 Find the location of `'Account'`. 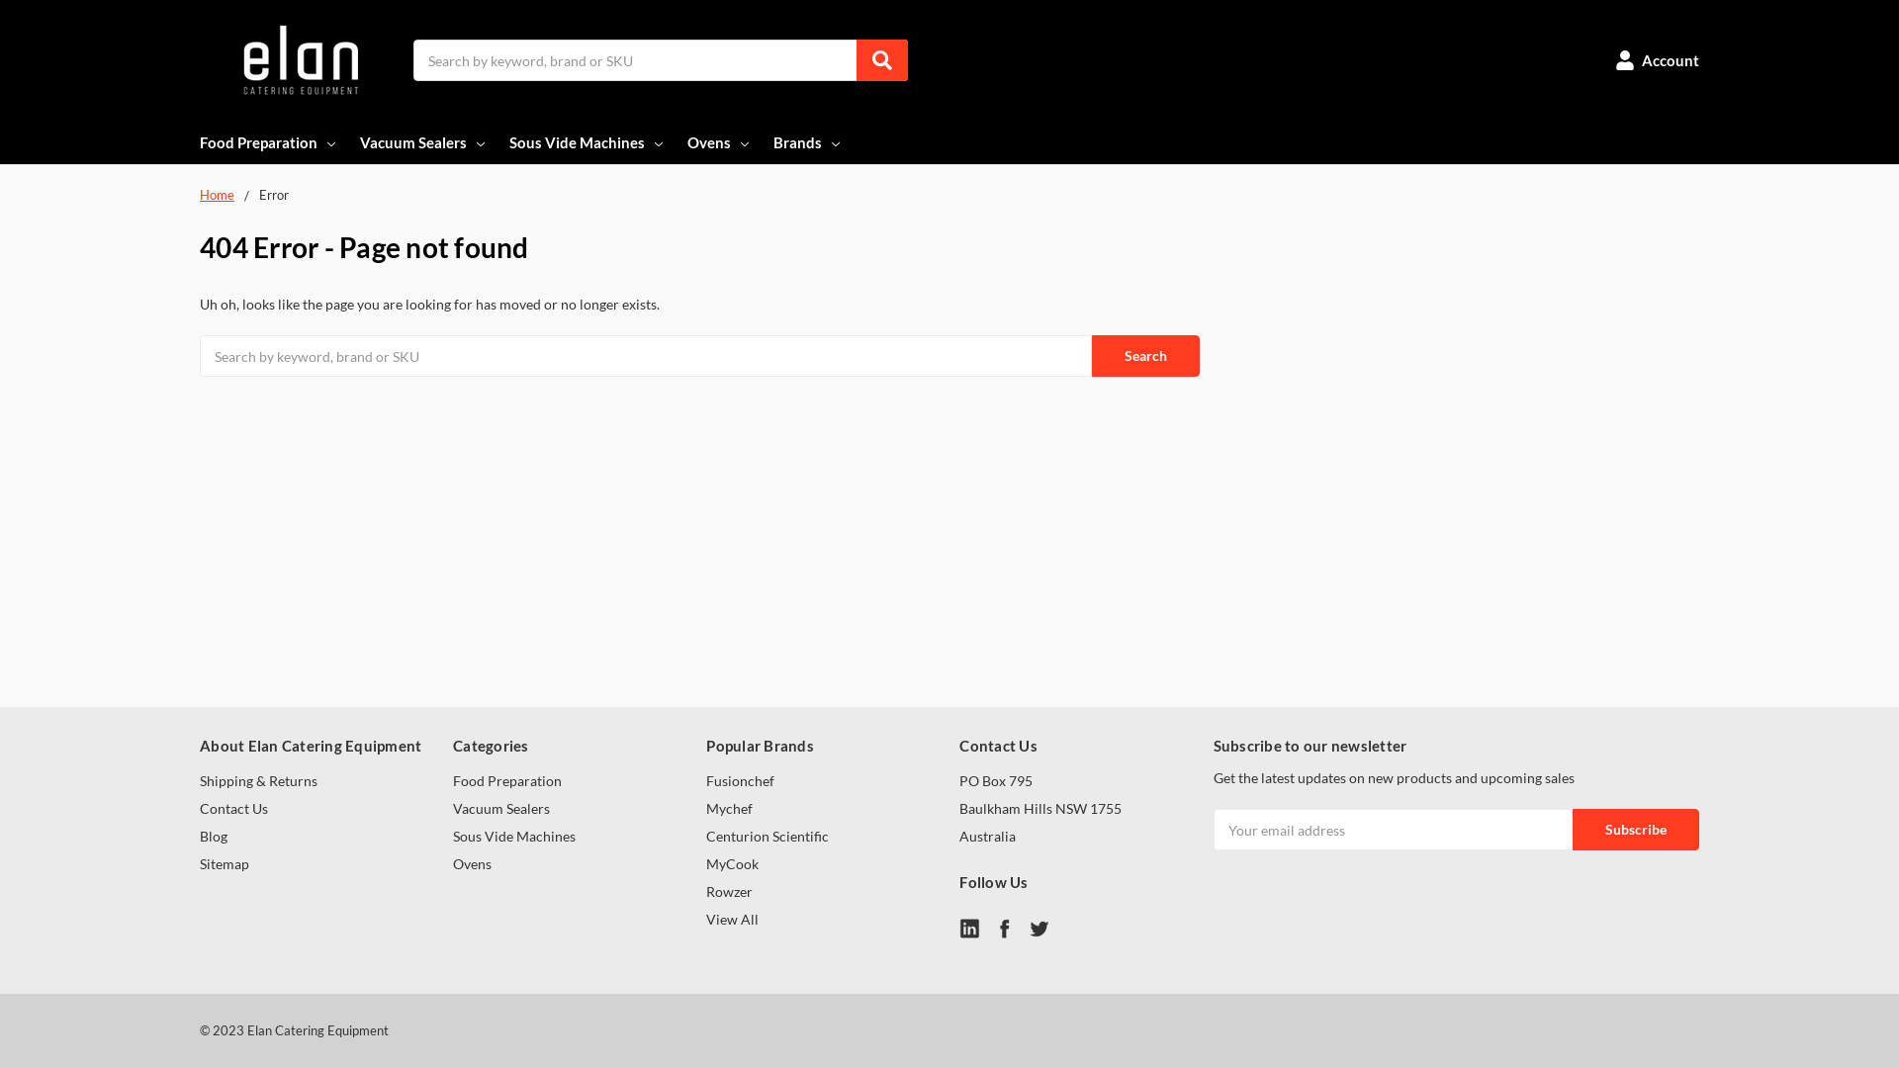

'Account' is located at coordinates (1657, 59).